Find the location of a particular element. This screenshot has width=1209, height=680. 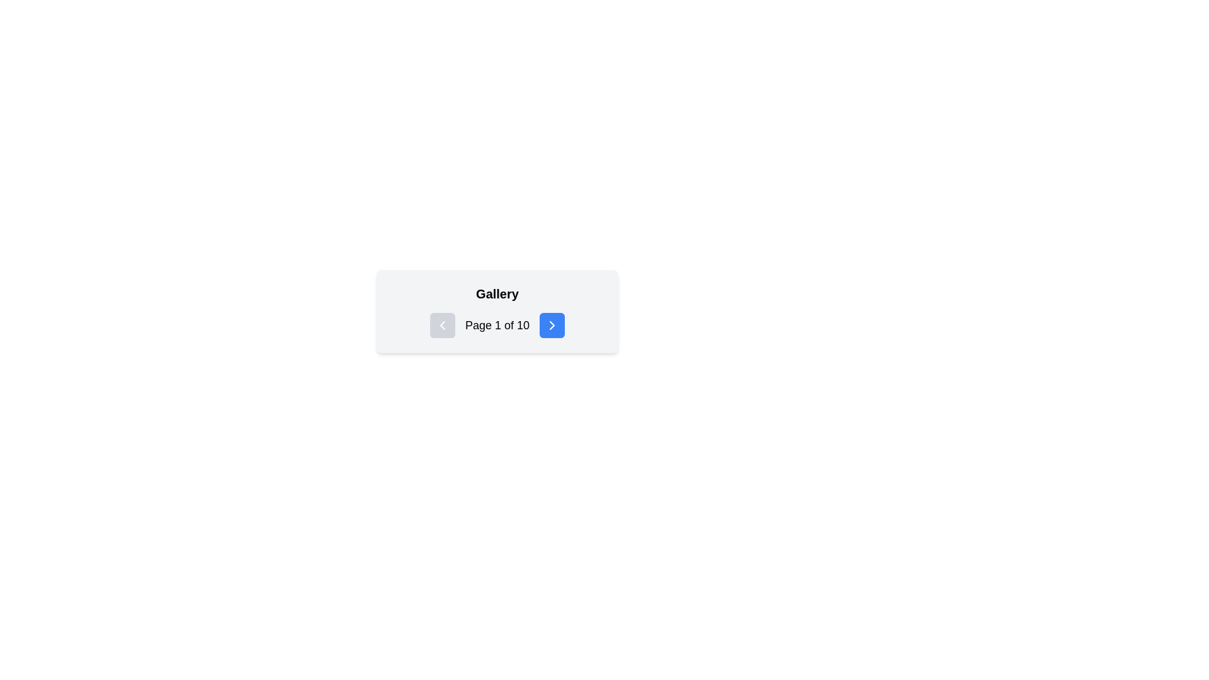

the arrow icon for the right navigation button is located at coordinates (552, 324).